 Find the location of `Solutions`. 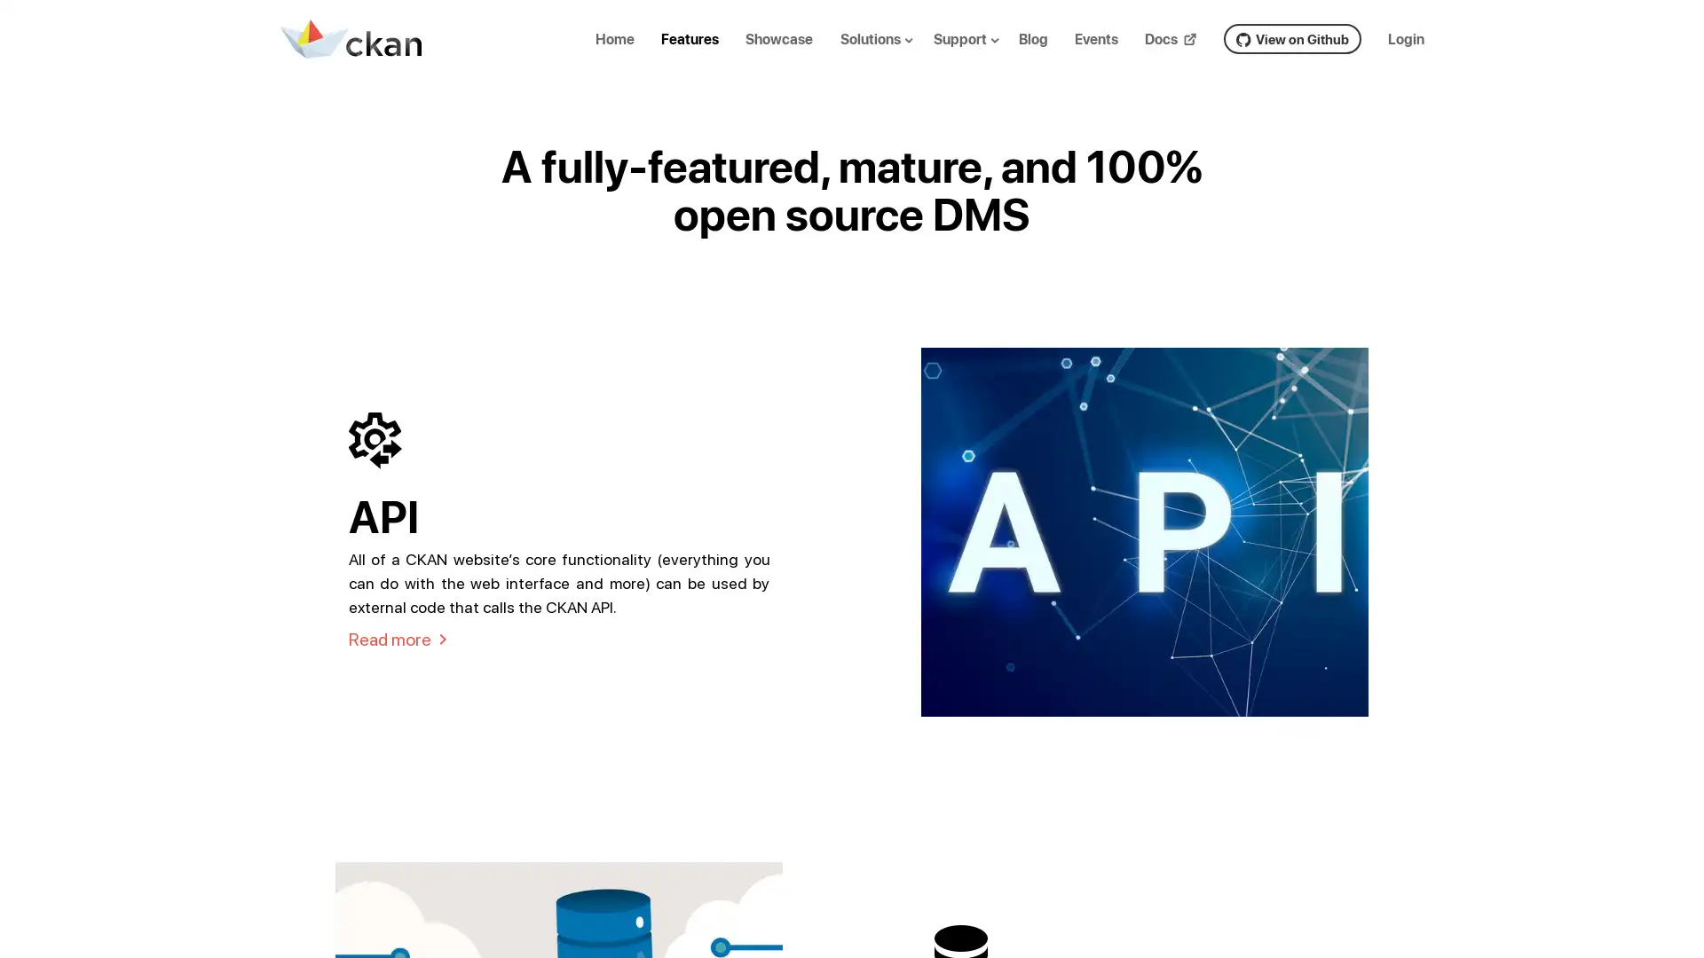

Solutions is located at coordinates (890, 51).